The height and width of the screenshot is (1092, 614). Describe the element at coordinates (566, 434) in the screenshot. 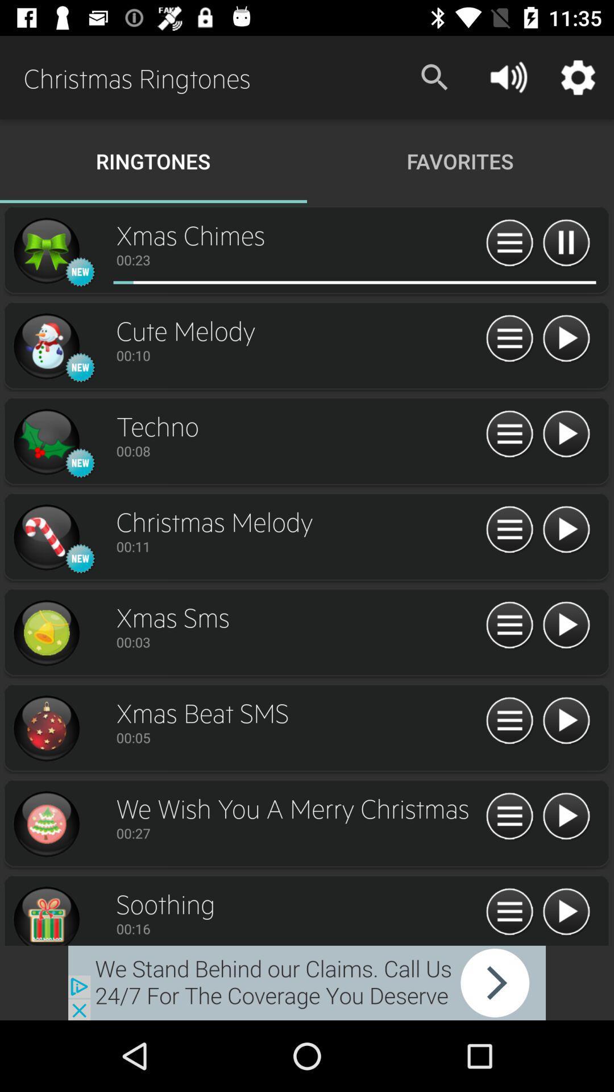

I see `techno ringtone` at that location.